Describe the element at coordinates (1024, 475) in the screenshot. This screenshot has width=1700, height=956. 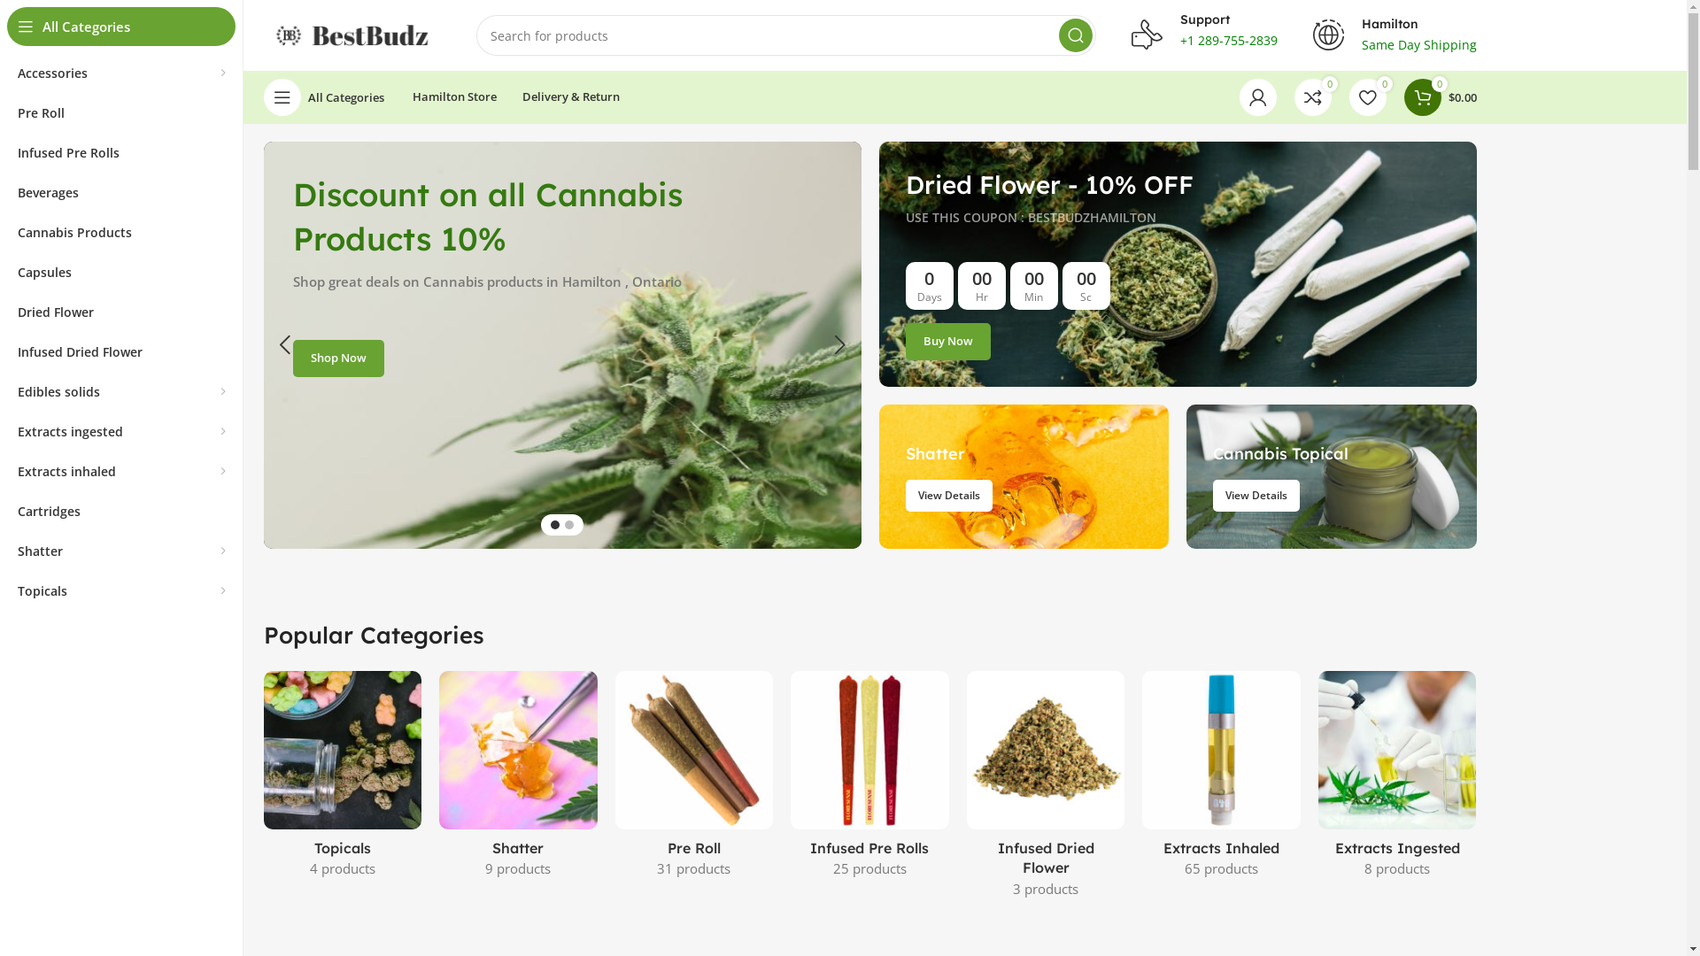
I see `'shatter weed'` at that location.